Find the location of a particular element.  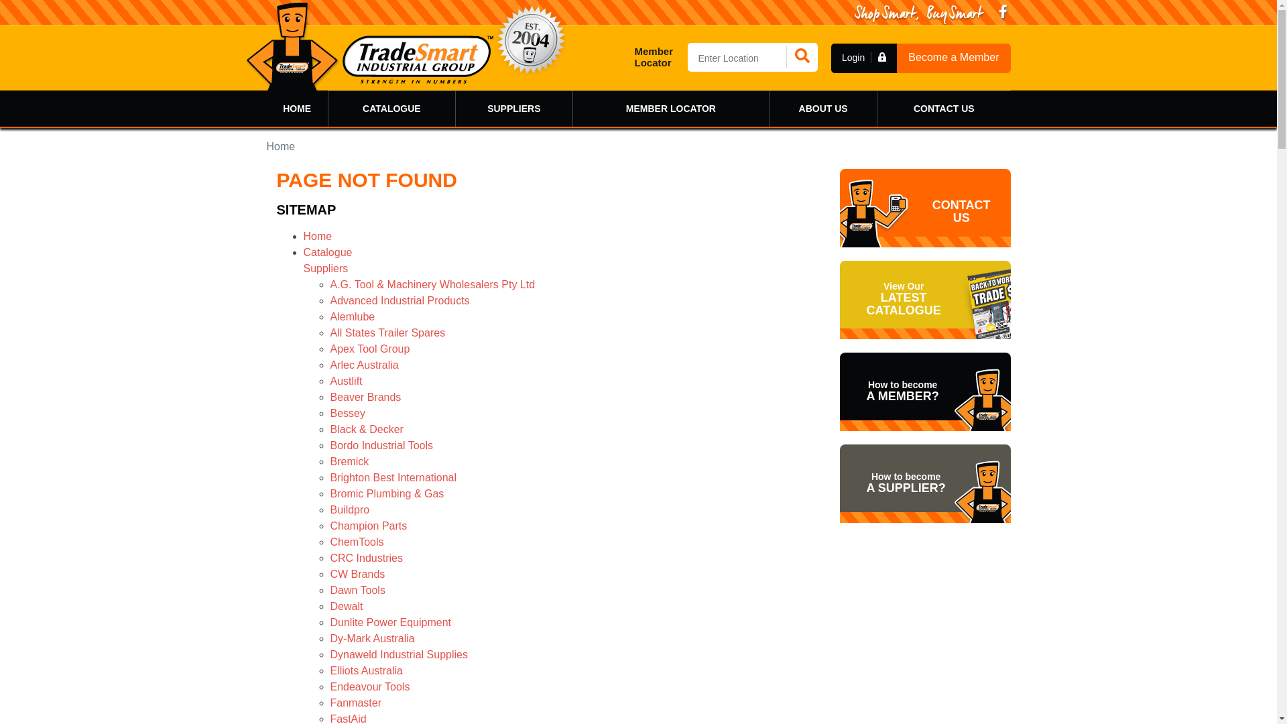

'All States Trailer Spares' is located at coordinates (329, 332).